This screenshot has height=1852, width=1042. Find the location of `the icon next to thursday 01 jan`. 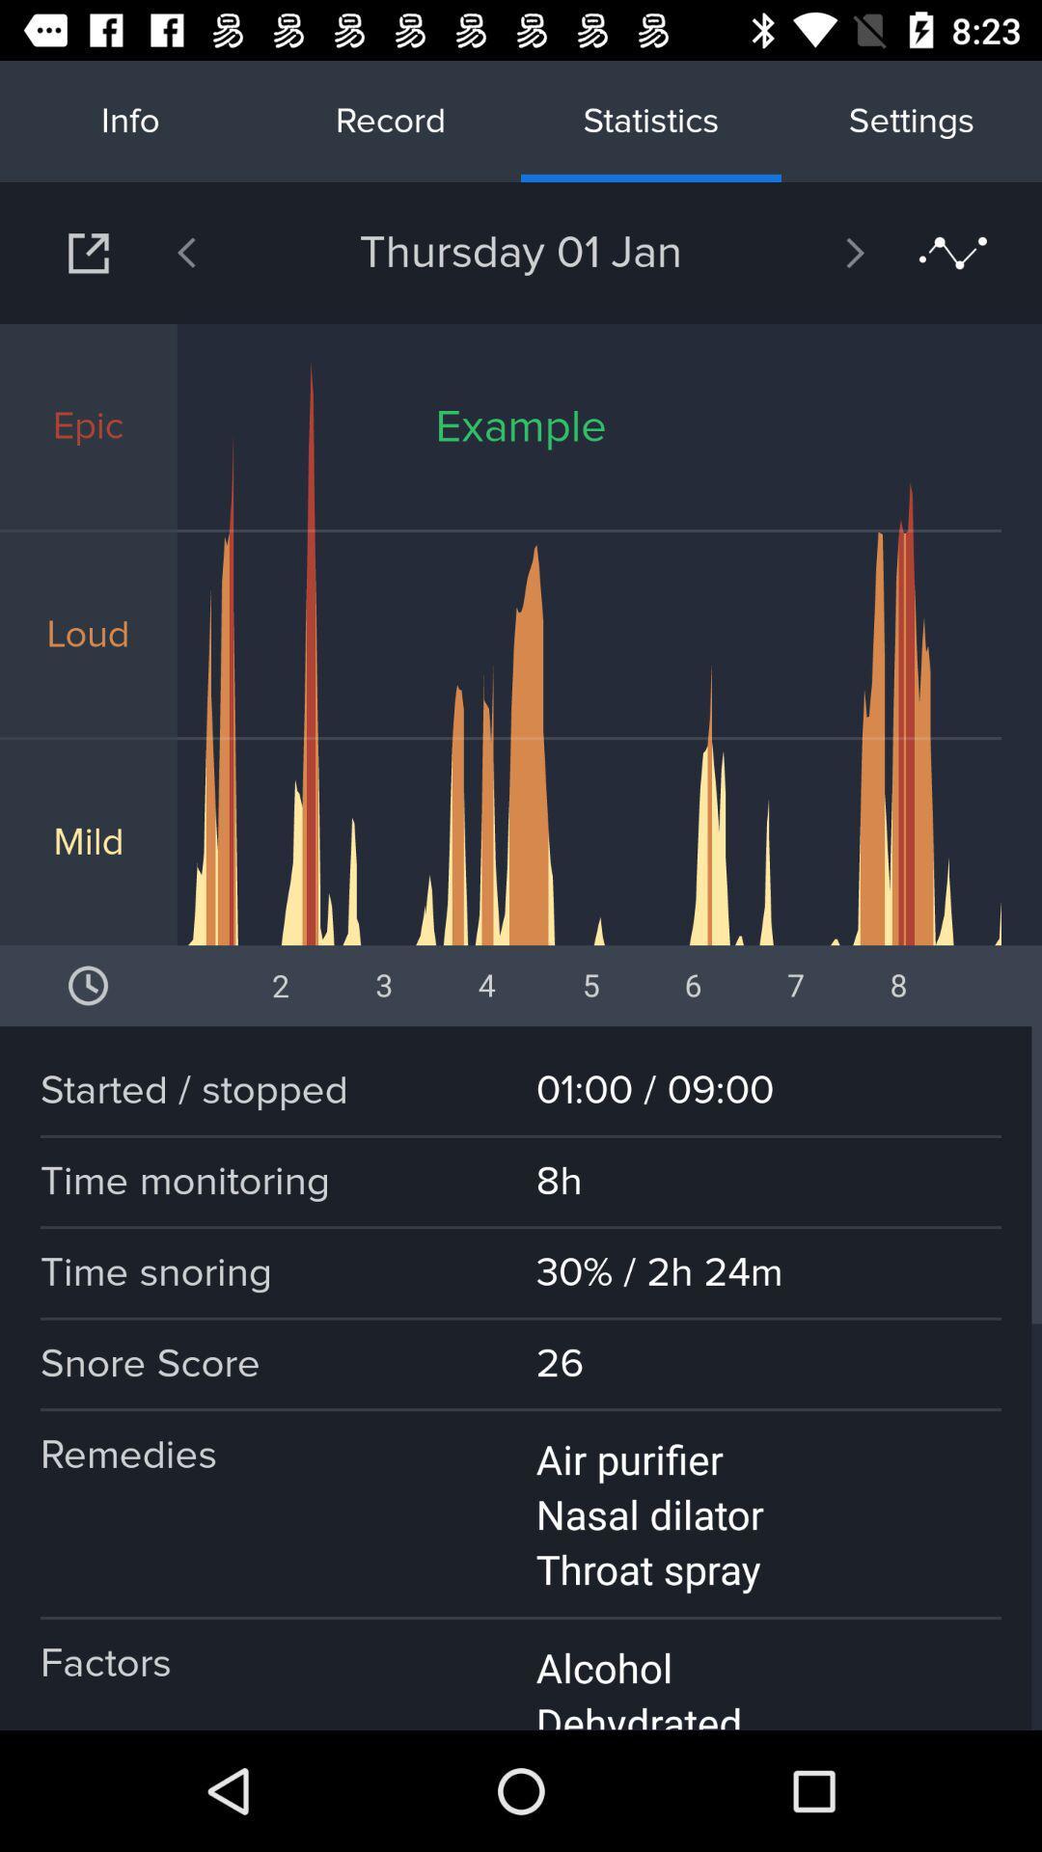

the icon next to thursday 01 jan is located at coordinates (805, 252).